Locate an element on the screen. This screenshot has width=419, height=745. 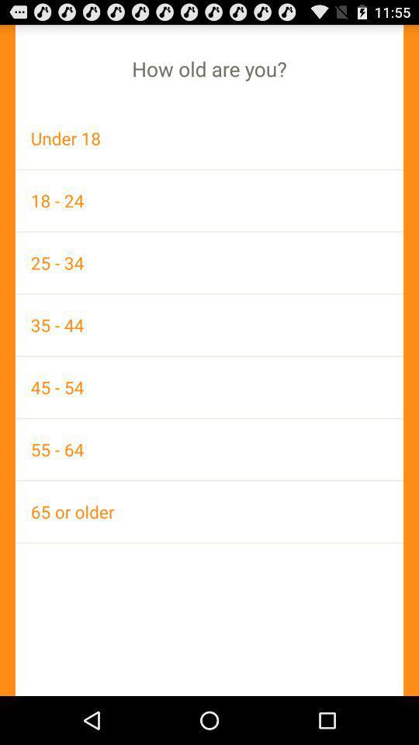
the 65 or older item is located at coordinates (209, 511).